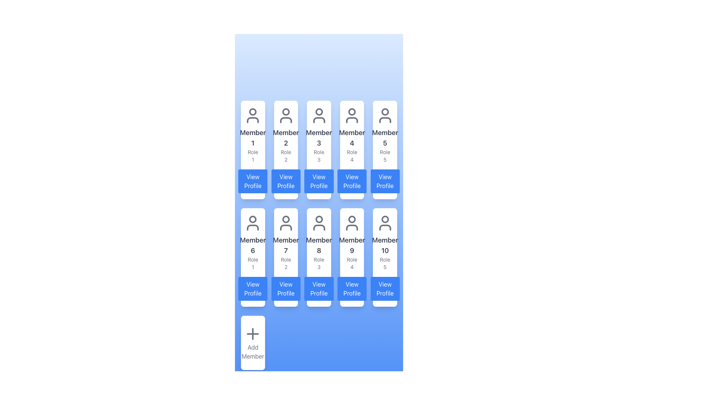 This screenshot has height=403, width=716. I want to click on the circular profile icon representing 'Member 3' located in the top part of the member card, so click(319, 112).